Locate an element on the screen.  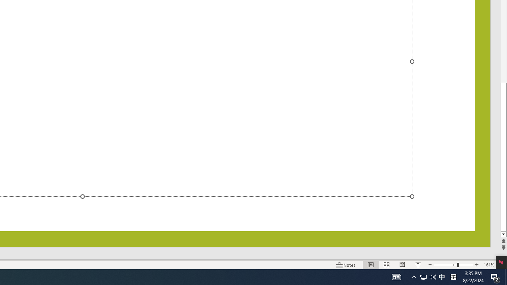
'Zoom 161%' is located at coordinates (488, 265).